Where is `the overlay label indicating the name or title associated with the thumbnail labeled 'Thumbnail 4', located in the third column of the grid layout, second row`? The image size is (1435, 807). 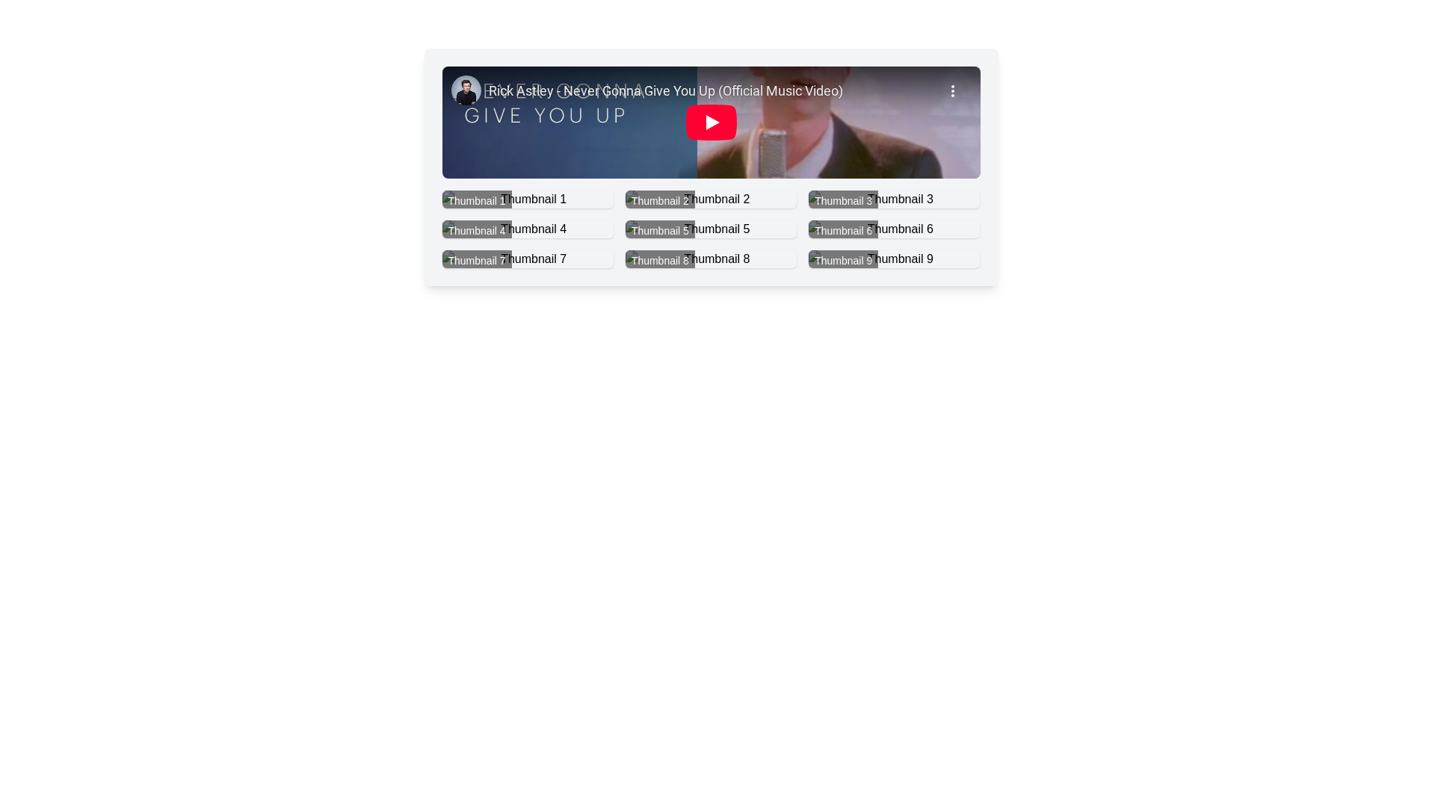 the overlay label indicating the name or title associated with the thumbnail labeled 'Thumbnail 4', located in the third column of the grid layout, second row is located at coordinates (476, 230).